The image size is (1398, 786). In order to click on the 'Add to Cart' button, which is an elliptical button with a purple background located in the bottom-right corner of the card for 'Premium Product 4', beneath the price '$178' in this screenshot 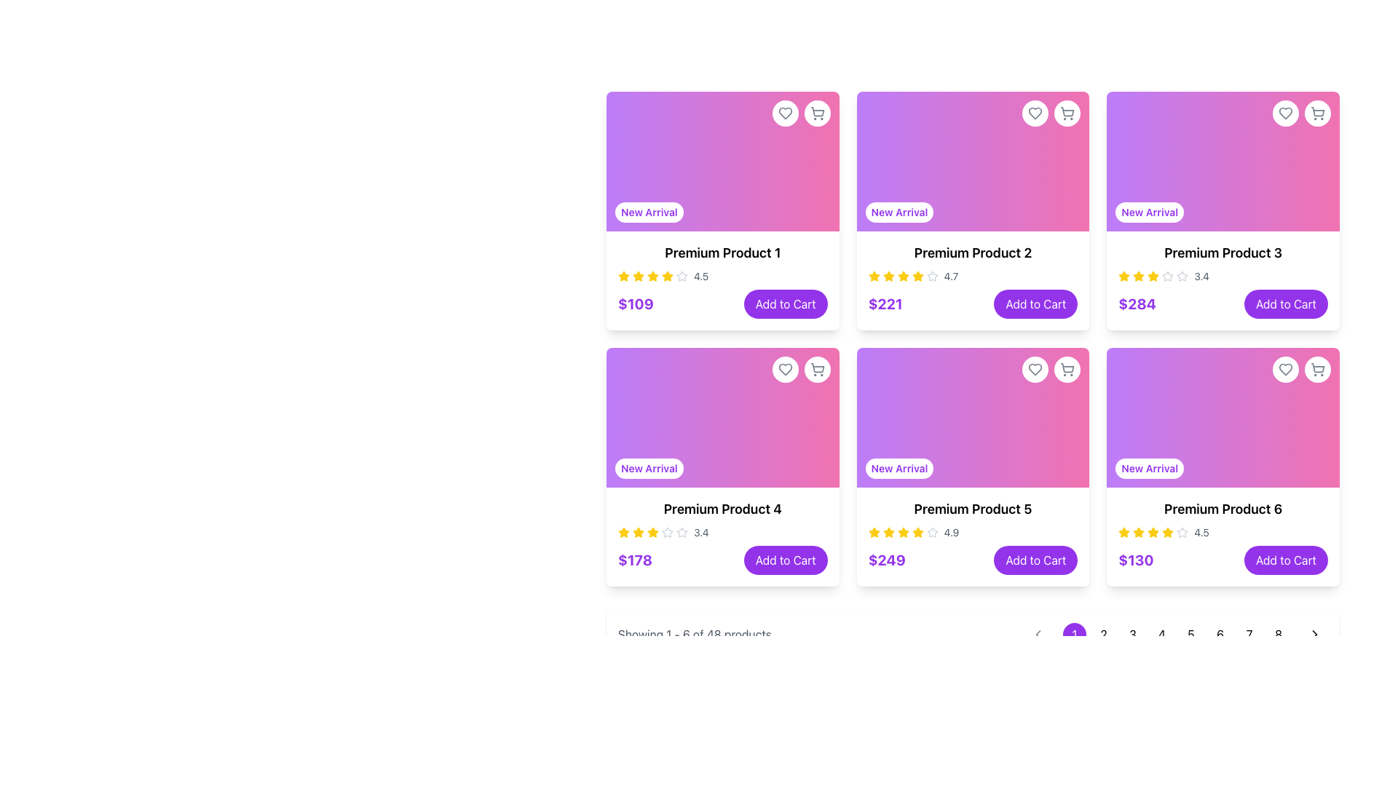, I will do `click(785, 560)`.